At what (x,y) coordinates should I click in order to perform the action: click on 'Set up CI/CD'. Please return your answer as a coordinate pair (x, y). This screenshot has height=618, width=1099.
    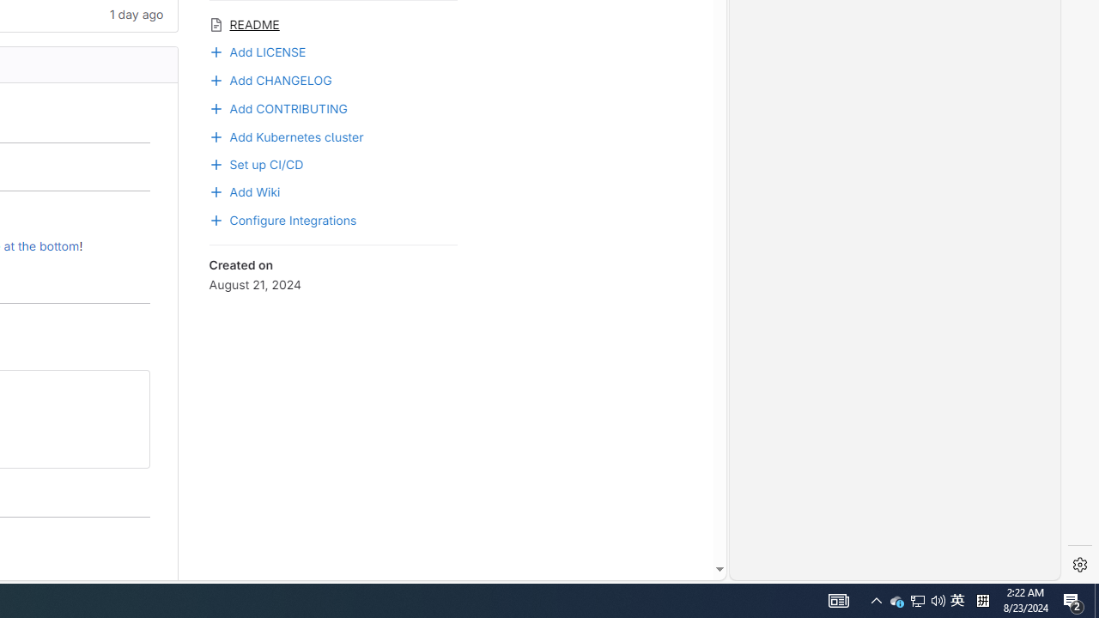
    Looking at the image, I should click on (255, 162).